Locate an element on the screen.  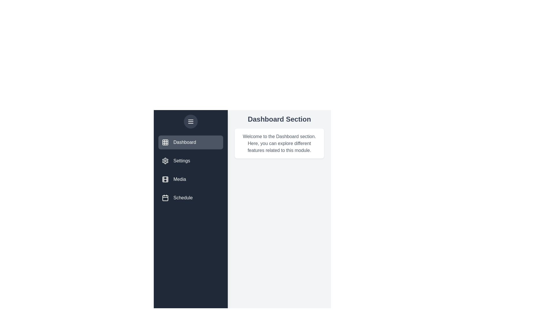
the menu item corresponding to the section Media to select it is located at coordinates (191, 179).